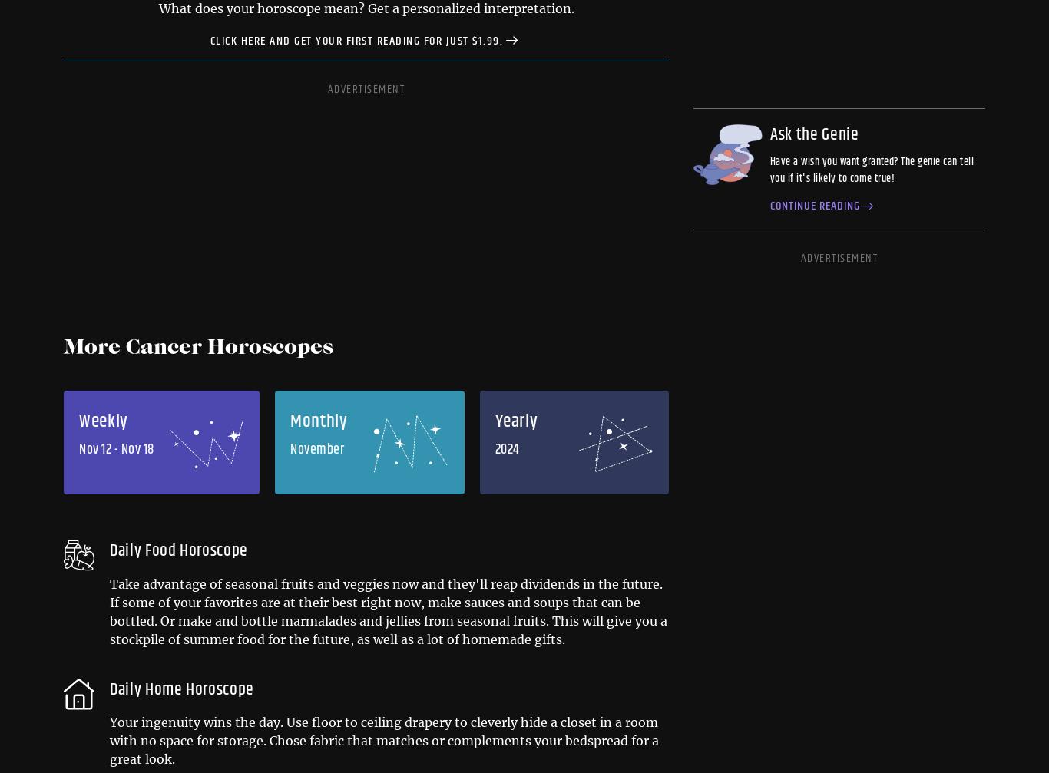 This screenshot has height=773, width=1049. I want to click on '2024', so click(506, 448).